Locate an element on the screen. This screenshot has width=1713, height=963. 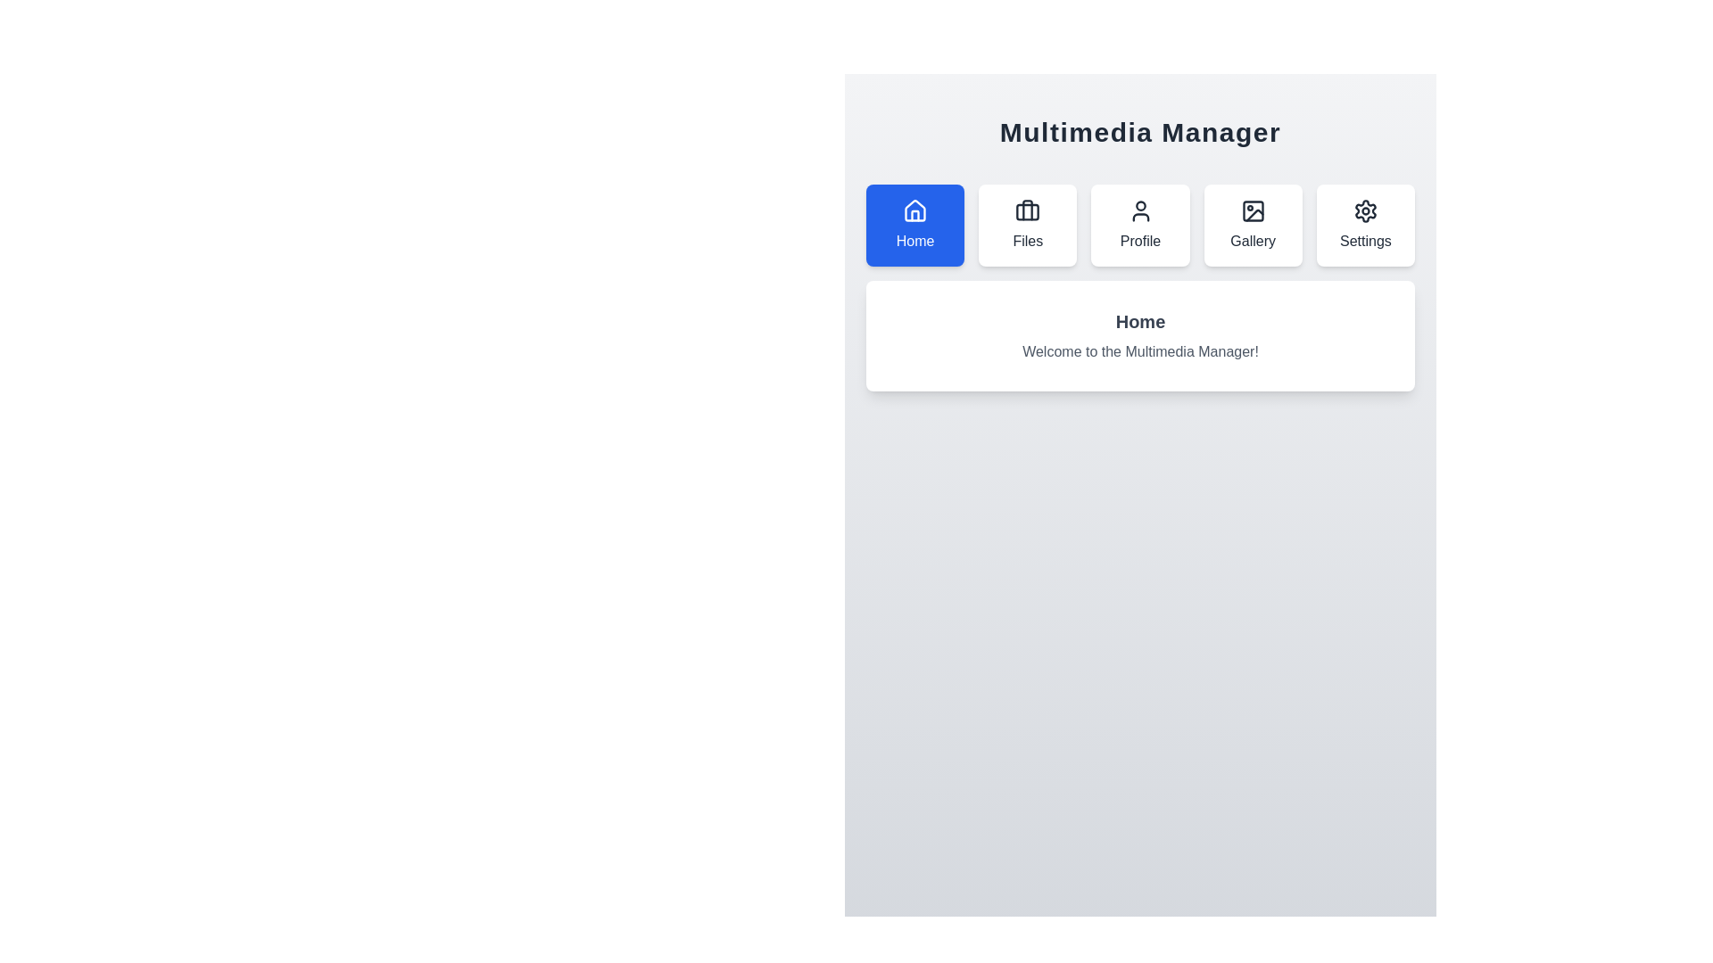
the details of the circular indicator above the head figure in the 'Profile' icon located in the navigation bar is located at coordinates (1139, 205).